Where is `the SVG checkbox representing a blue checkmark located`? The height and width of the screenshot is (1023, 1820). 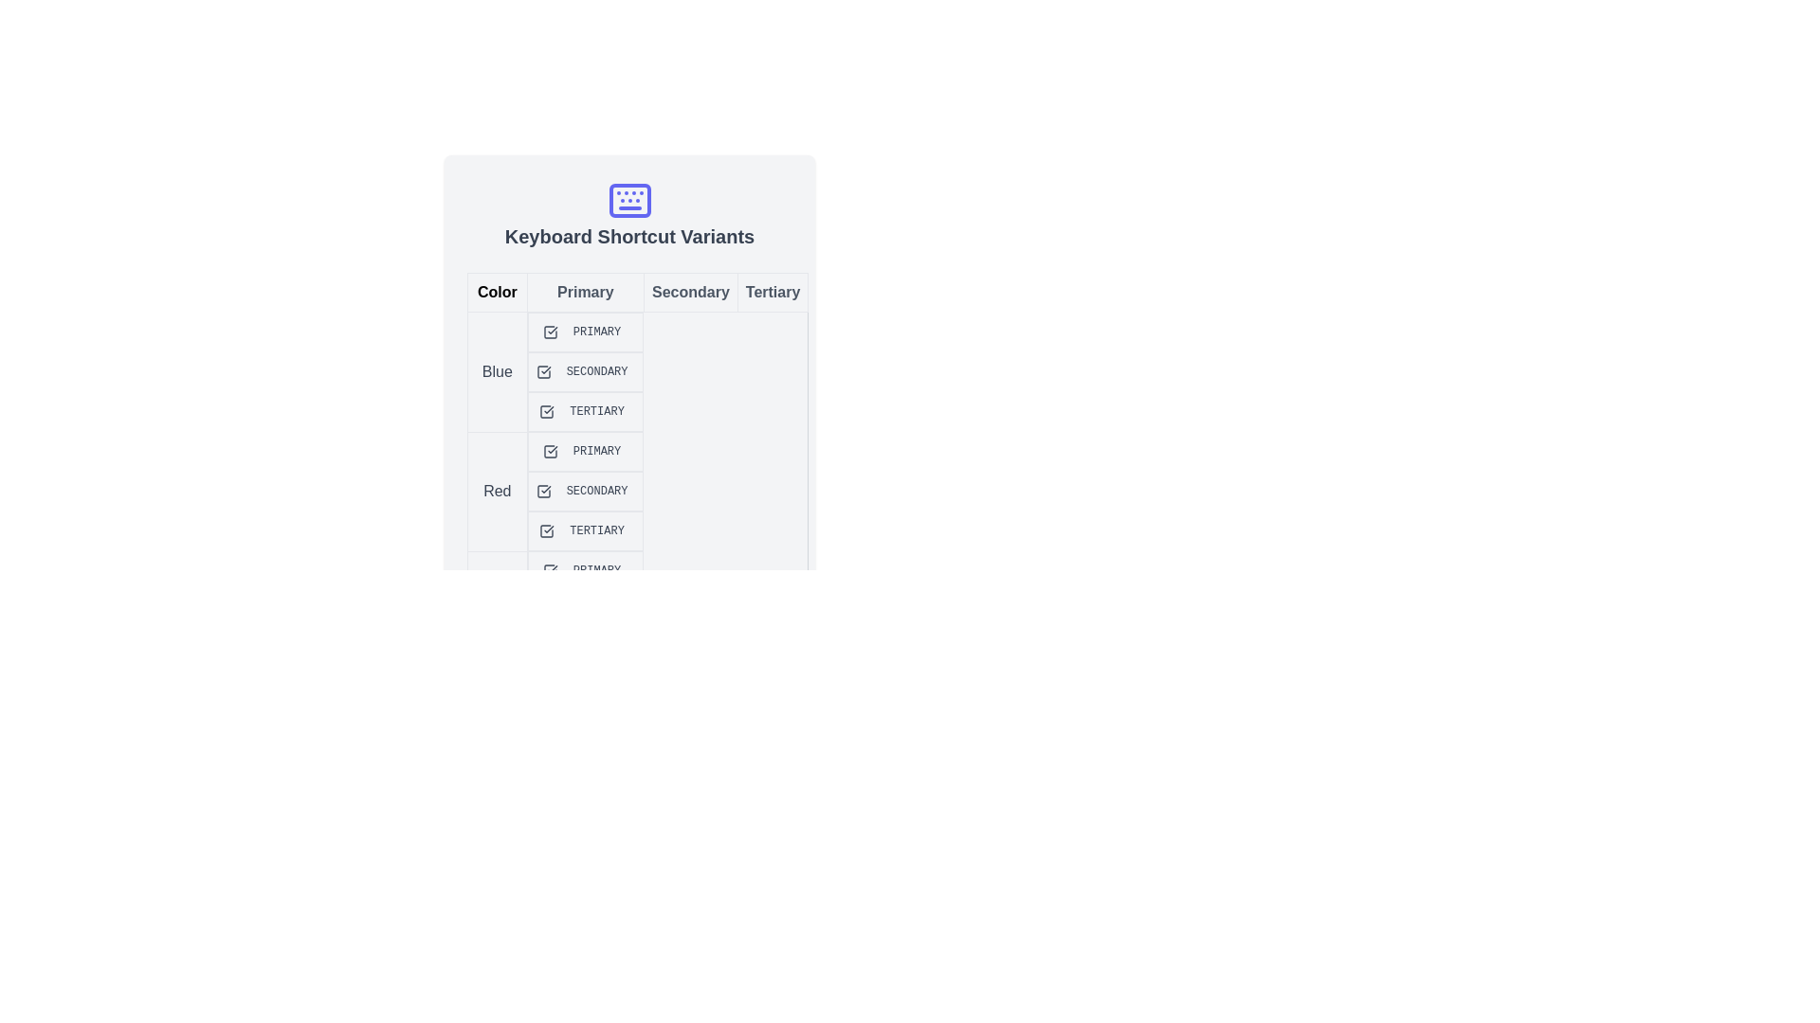
the SVG checkbox representing a blue checkmark located is located at coordinates (546, 411).